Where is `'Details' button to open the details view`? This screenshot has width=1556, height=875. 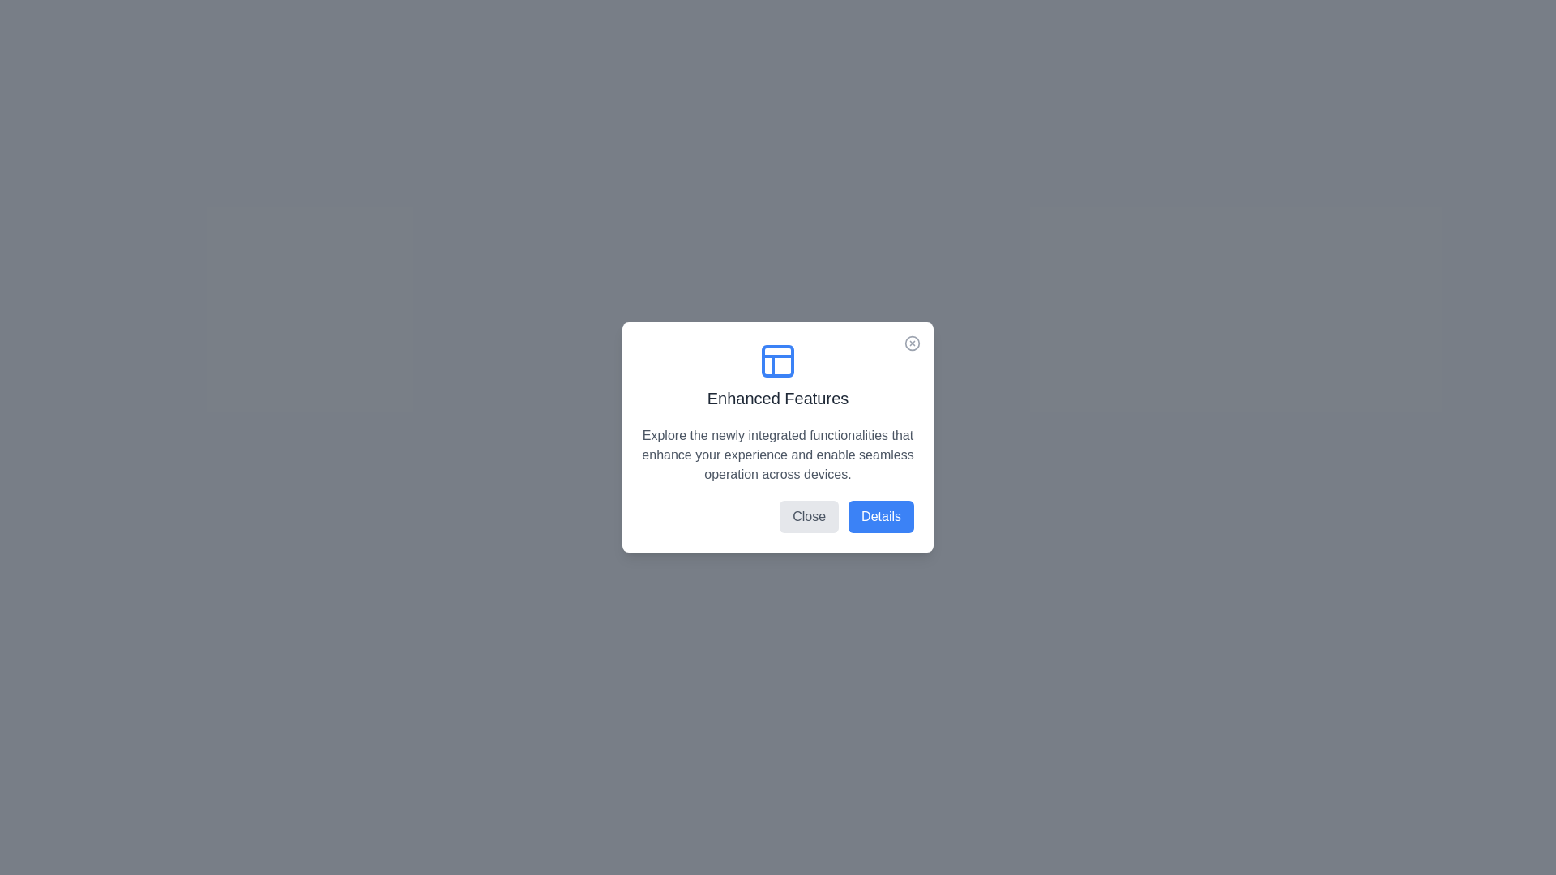 'Details' button to open the details view is located at coordinates (880, 516).